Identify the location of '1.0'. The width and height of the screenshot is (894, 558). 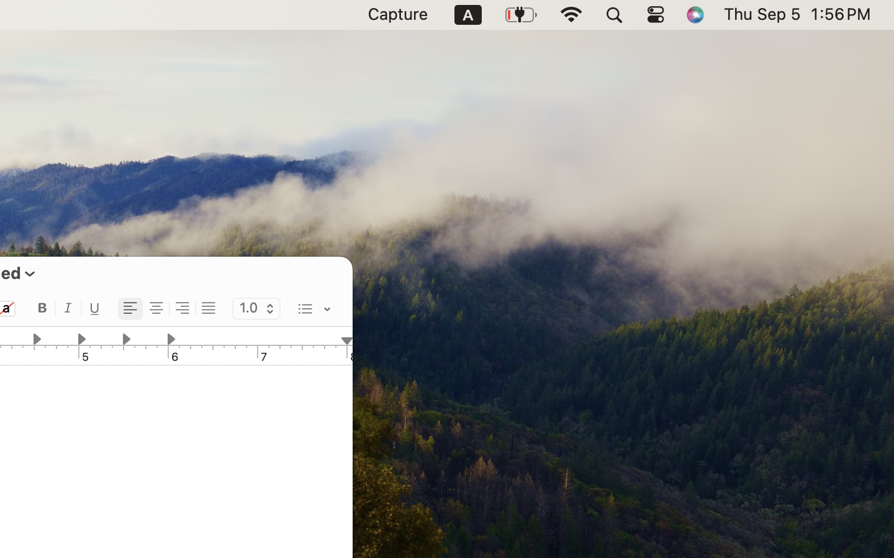
(255, 308).